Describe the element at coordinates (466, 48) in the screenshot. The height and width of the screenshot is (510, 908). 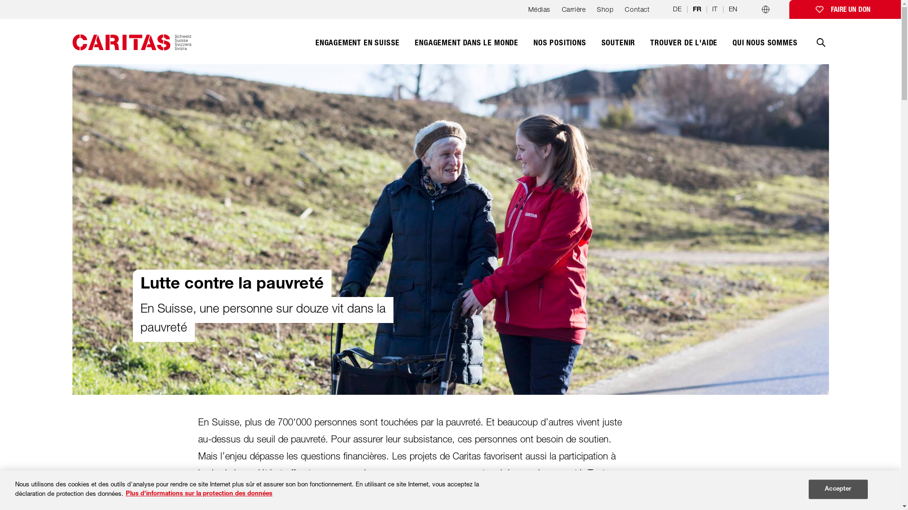
I see `'ENGAGEMENT DANS LE MONDE'` at that location.